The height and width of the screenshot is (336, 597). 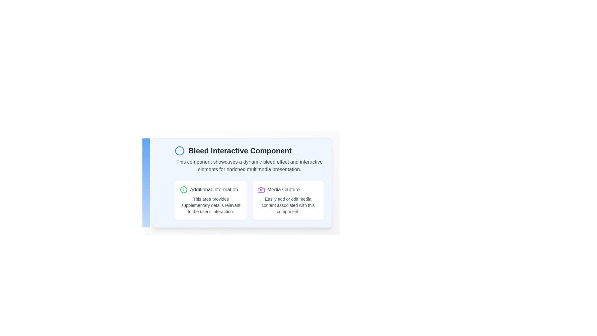 I want to click on the text label reading 'Additional Information' styled in gray, positioned next to a green information icon within the card section below the 'Bleed Interactive Component' header, so click(x=214, y=189).